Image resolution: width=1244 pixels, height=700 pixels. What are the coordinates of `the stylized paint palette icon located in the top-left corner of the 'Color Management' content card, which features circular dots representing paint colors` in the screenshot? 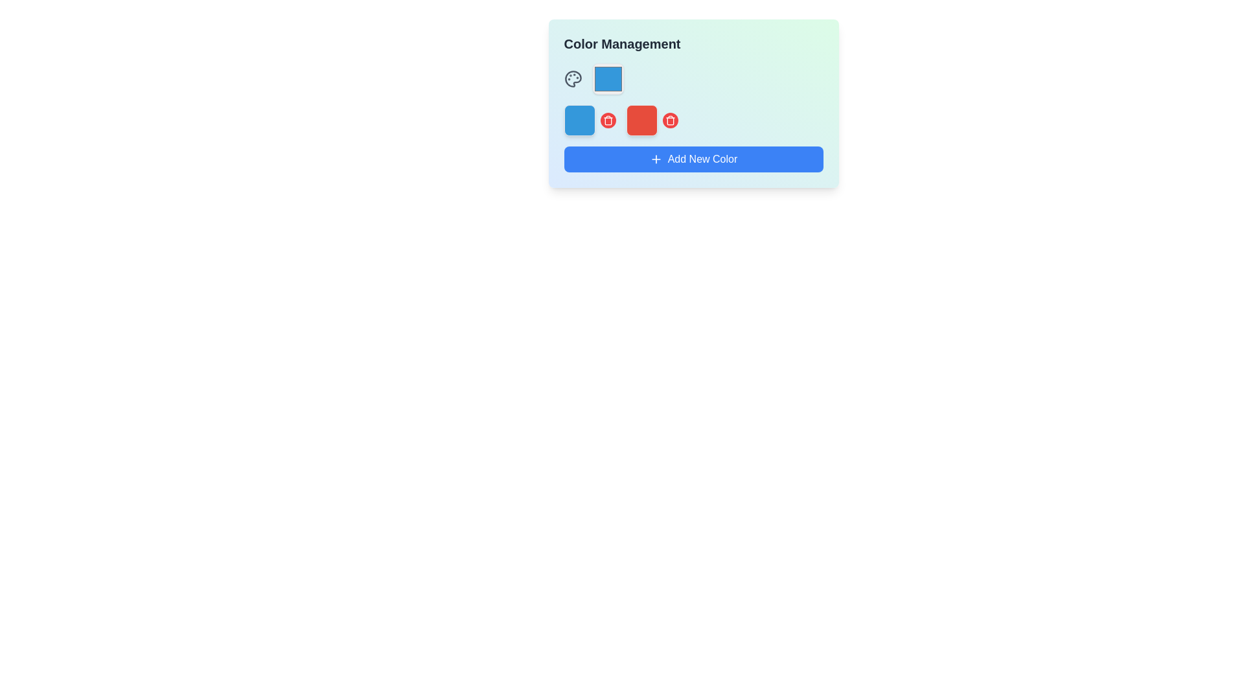 It's located at (572, 79).